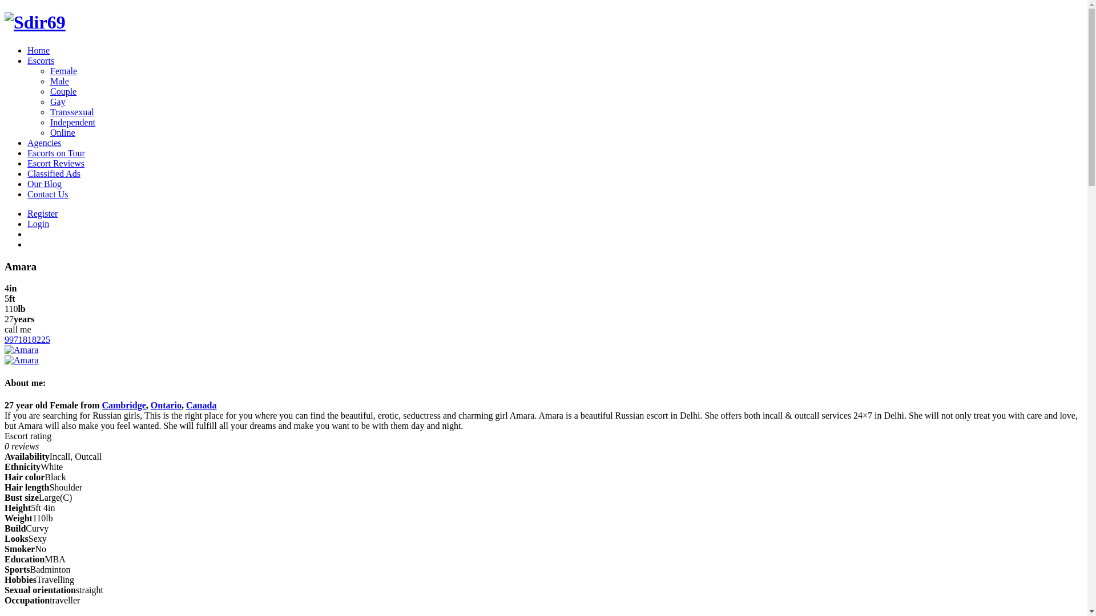  I want to click on 'Ontario', so click(166, 404).